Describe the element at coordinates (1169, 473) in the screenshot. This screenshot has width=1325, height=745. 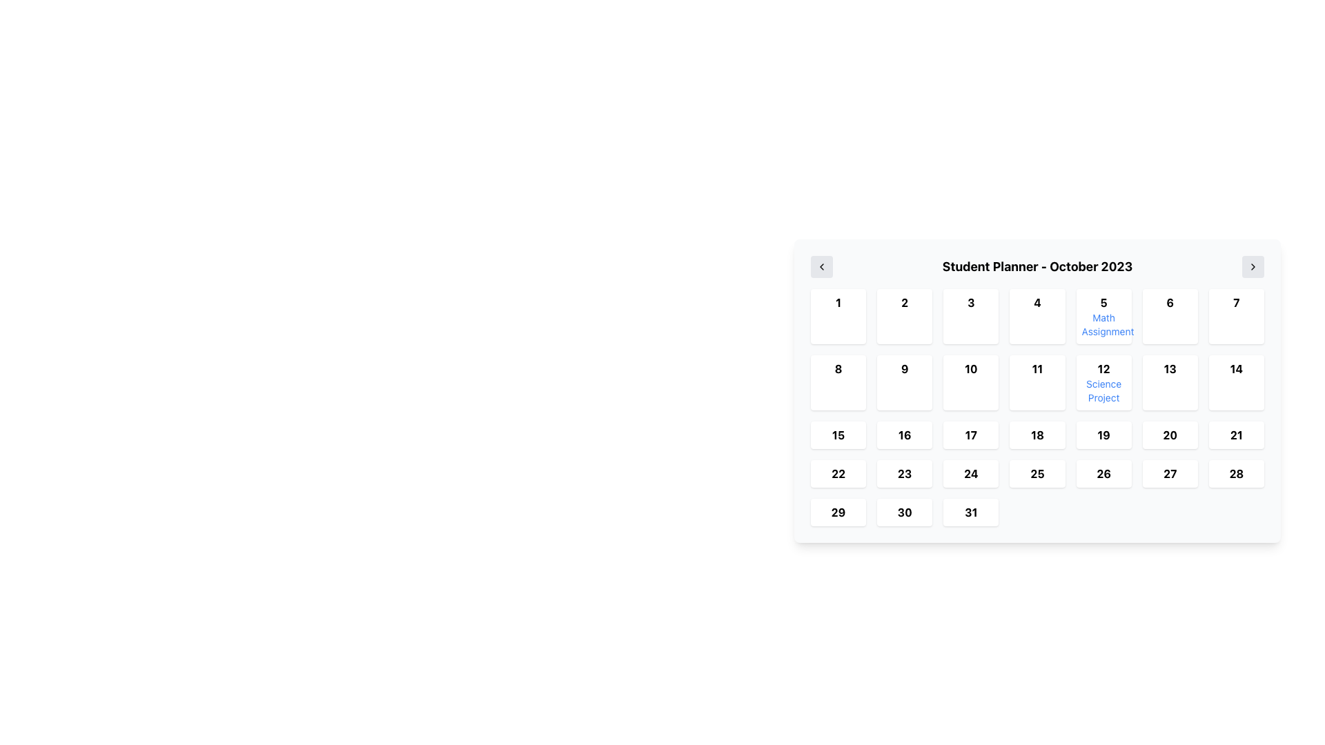
I see `the bold text label '27' located in the bottom row, second cell from the right of the calendar grid` at that location.